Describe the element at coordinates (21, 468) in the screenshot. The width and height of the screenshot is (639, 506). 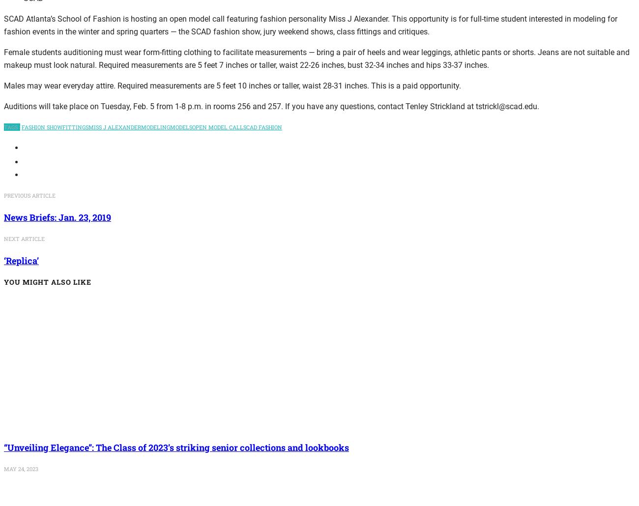
I see `'May 24, 2023'` at that location.